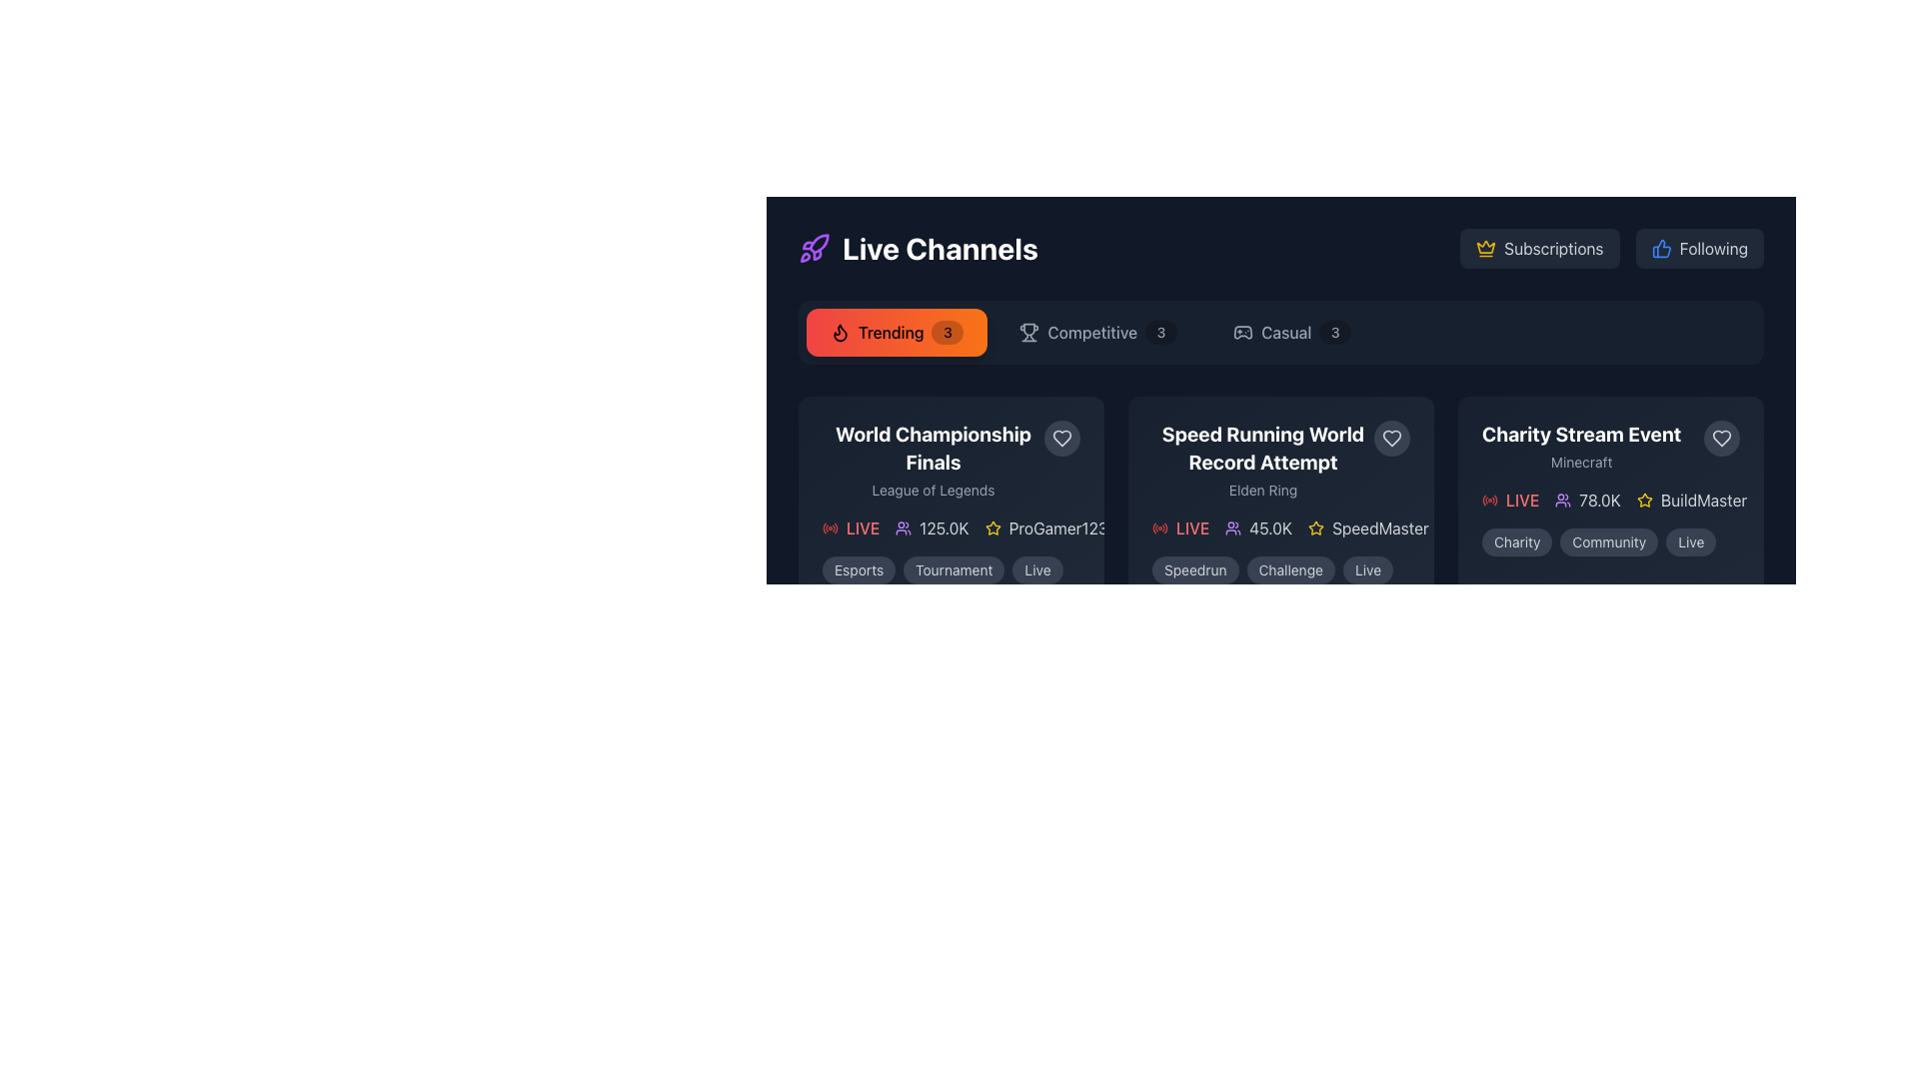 Image resolution: width=1919 pixels, height=1079 pixels. I want to click on the last button in the horizontal navigation bar, so click(1292, 331).